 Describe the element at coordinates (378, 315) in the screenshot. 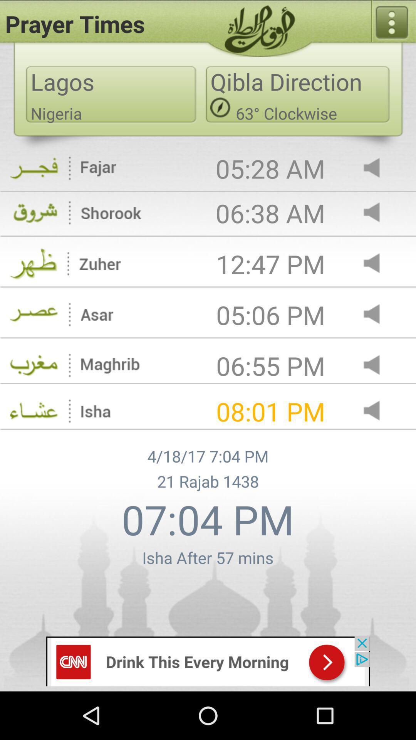

I see `muslim prayer times muslim prayer times and kiblah direction app` at that location.